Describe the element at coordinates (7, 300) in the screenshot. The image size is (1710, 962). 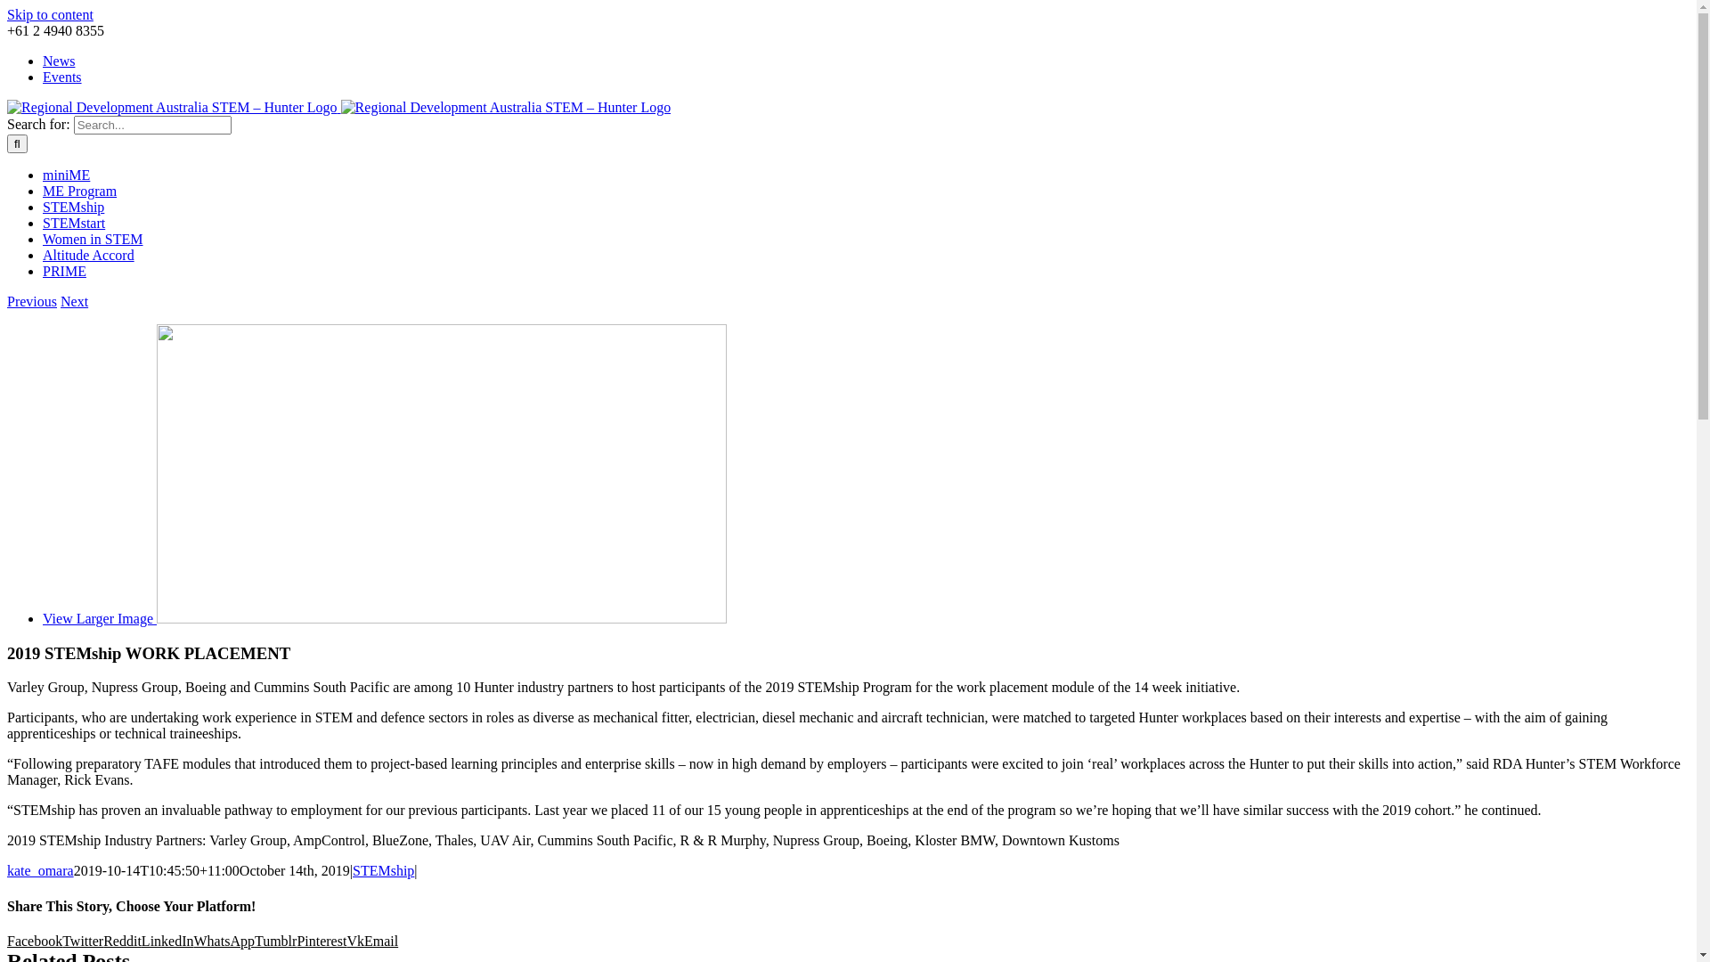
I see `'Previous'` at that location.